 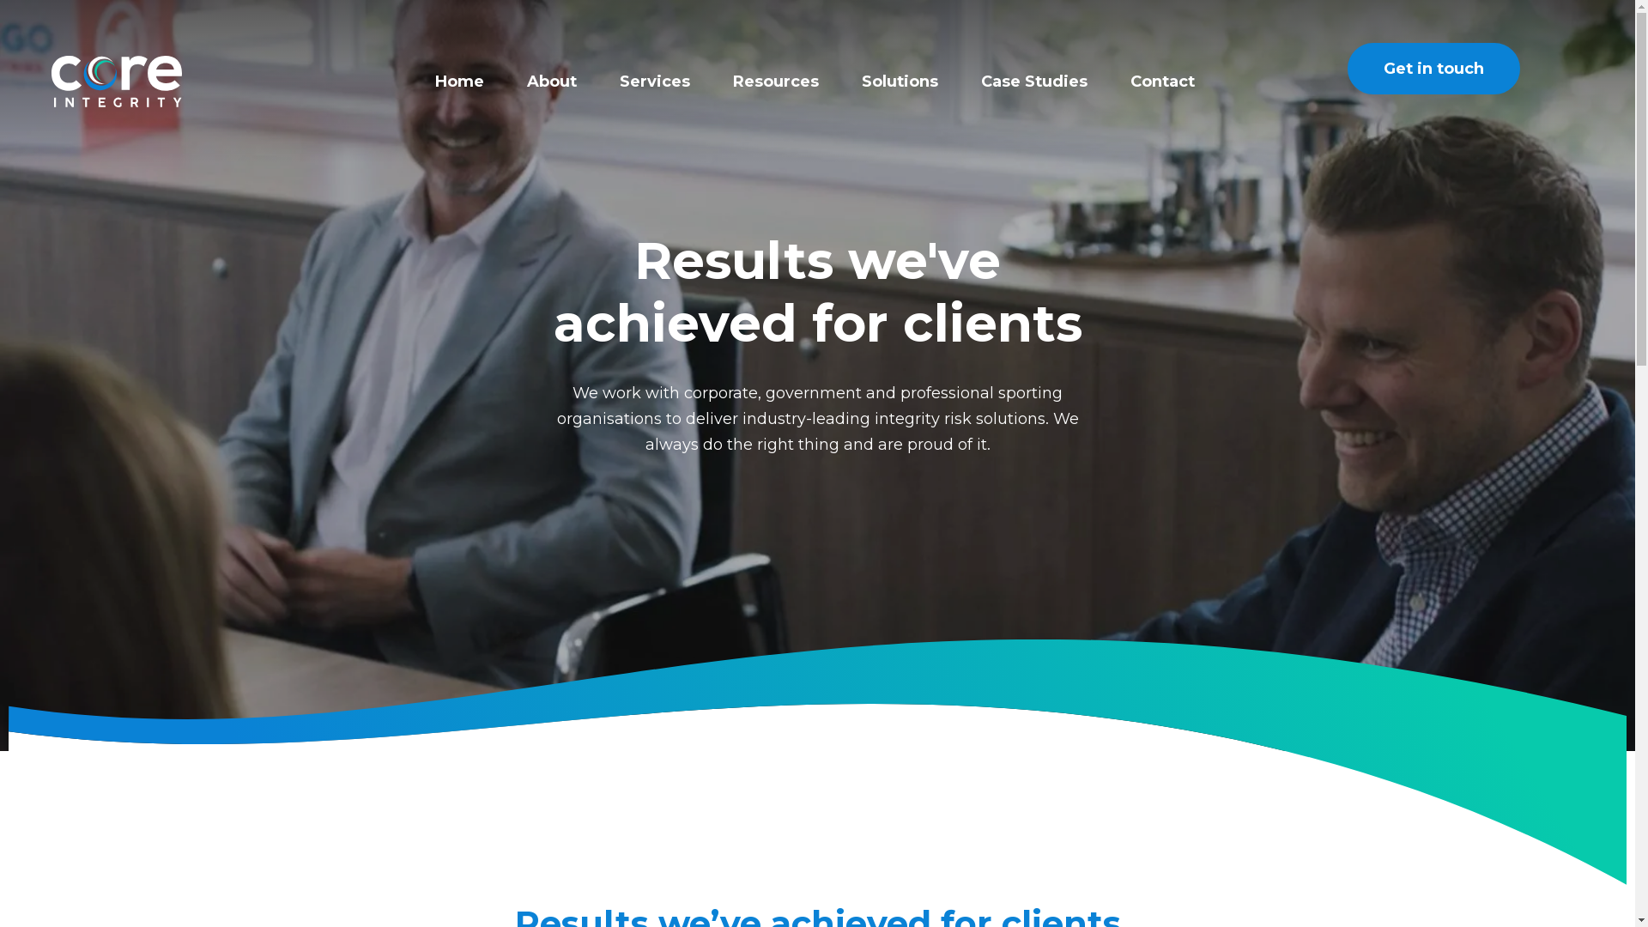 What do you see at coordinates (1130, 82) in the screenshot?
I see `'Contact'` at bounding box center [1130, 82].